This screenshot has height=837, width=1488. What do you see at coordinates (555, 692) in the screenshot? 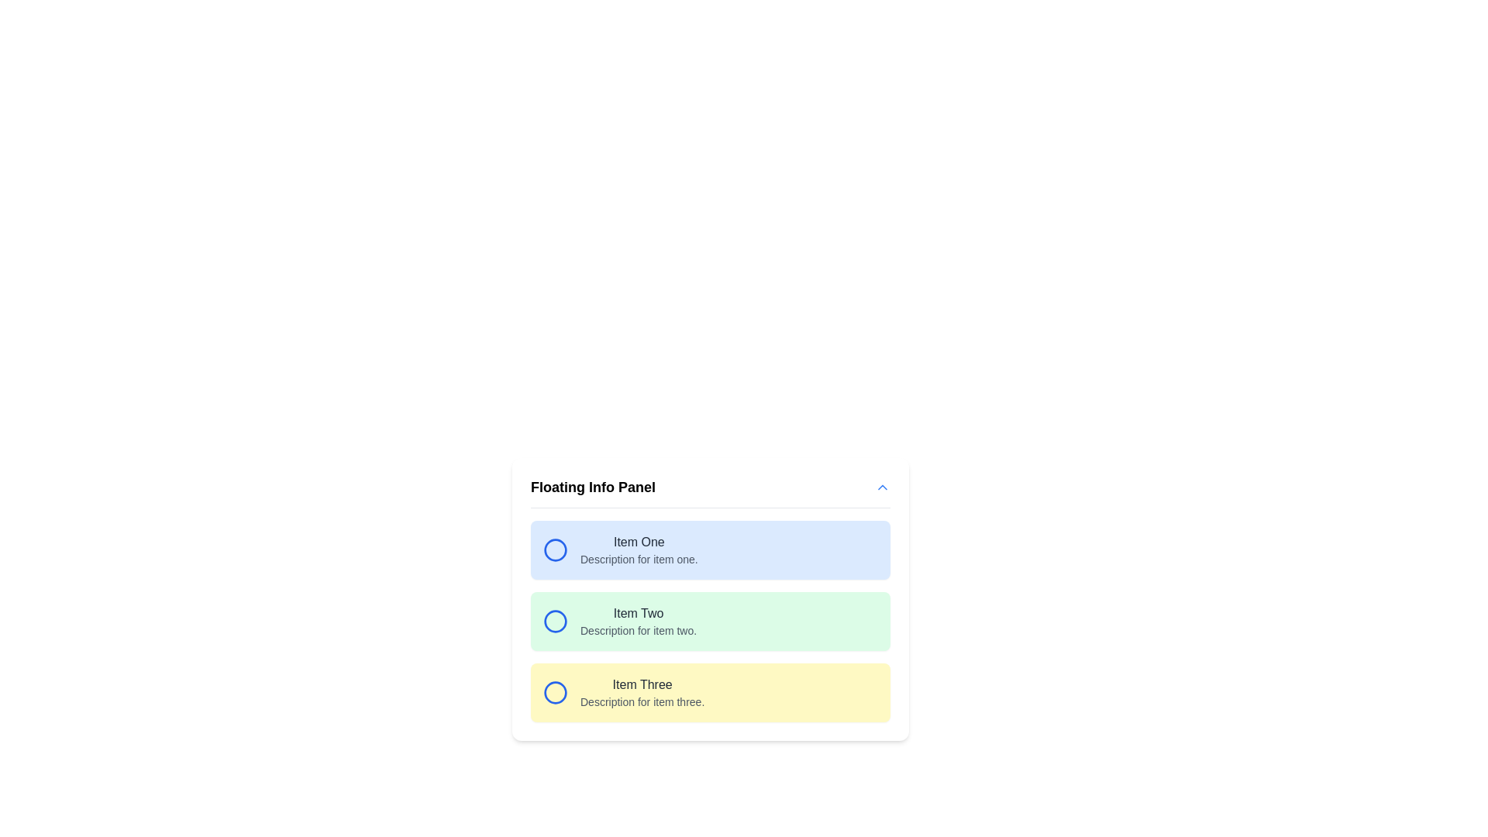
I see `the circular outline icon associated with 'Item Three' in the yellow background of the floating information panel for potential interaction` at bounding box center [555, 692].